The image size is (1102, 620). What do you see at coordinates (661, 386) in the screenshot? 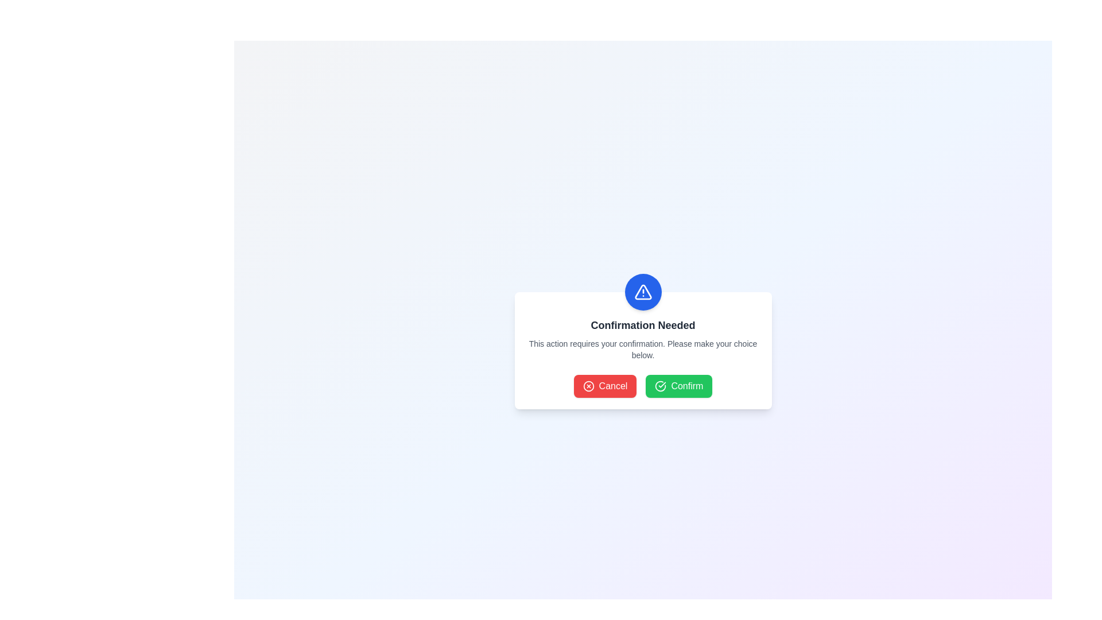
I see `the confirmation success icon located within the 'Confirm' button, positioned to the left of its label text` at bounding box center [661, 386].